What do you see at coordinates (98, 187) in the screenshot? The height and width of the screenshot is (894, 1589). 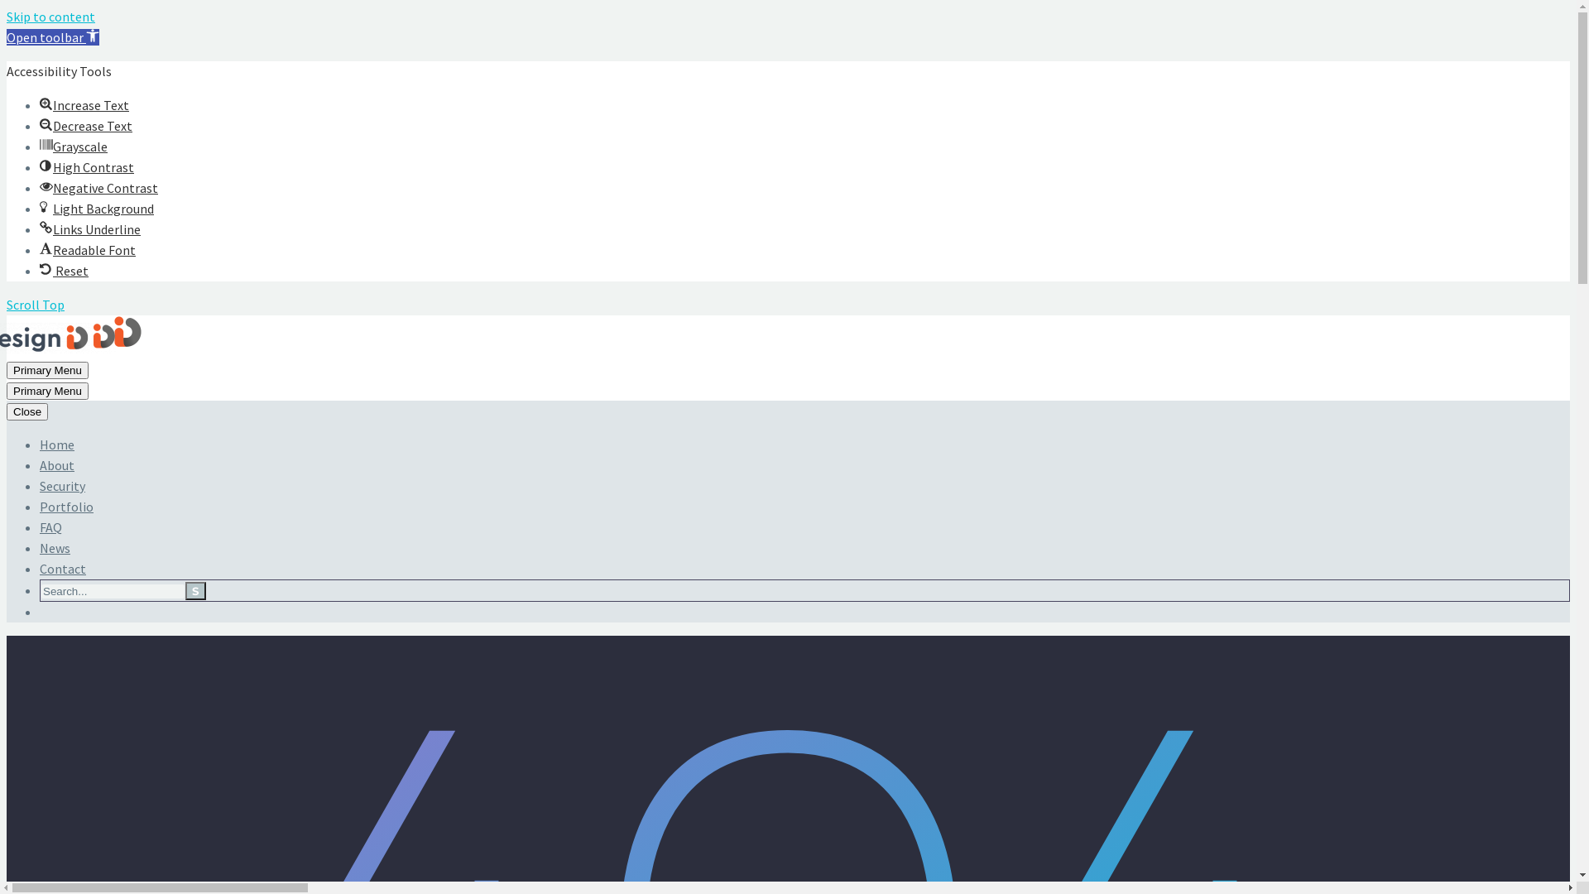 I see `'Negative ContrastNegative Contrast'` at bounding box center [98, 187].